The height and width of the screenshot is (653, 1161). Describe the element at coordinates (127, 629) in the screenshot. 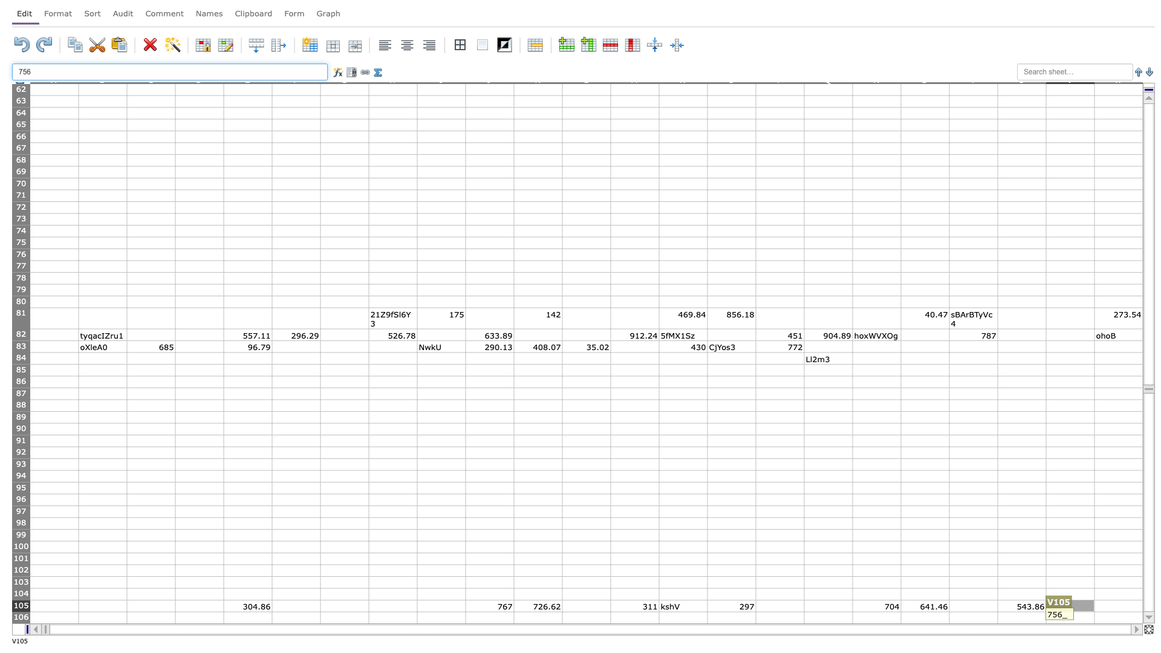

I see `Right edge at position B107` at that location.